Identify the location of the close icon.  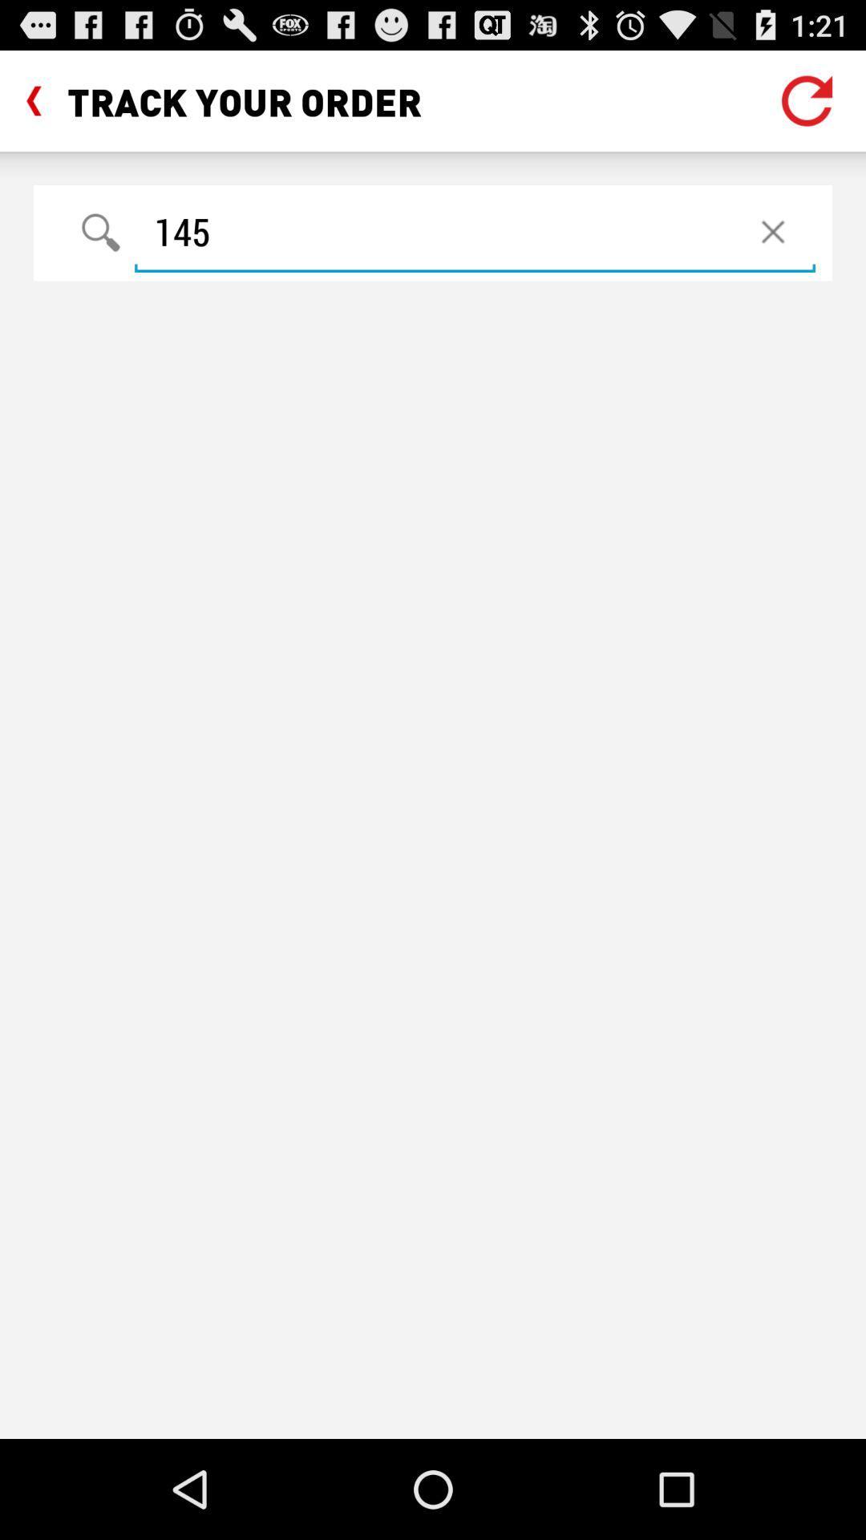
(772, 247).